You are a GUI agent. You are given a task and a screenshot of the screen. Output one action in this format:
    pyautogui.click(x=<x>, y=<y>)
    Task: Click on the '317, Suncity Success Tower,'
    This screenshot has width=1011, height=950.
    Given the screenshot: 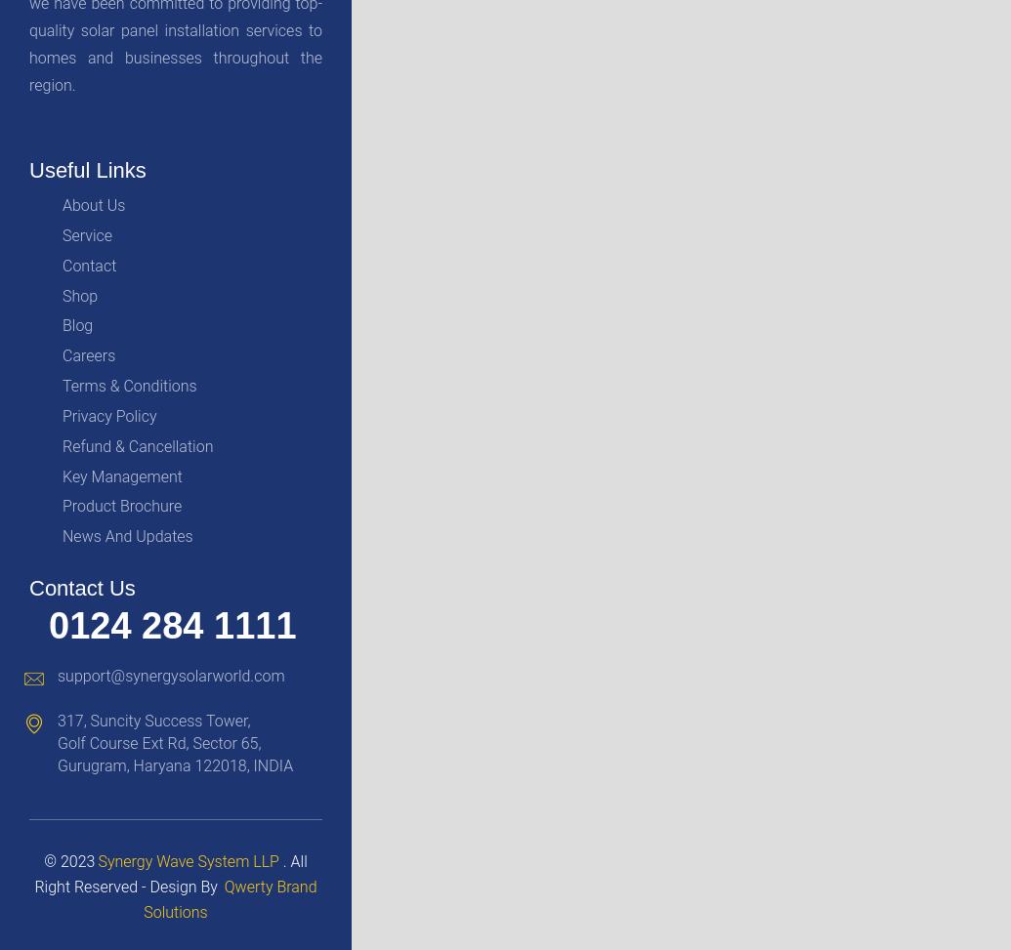 What is the action you would take?
    pyautogui.click(x=153, y=720)
    